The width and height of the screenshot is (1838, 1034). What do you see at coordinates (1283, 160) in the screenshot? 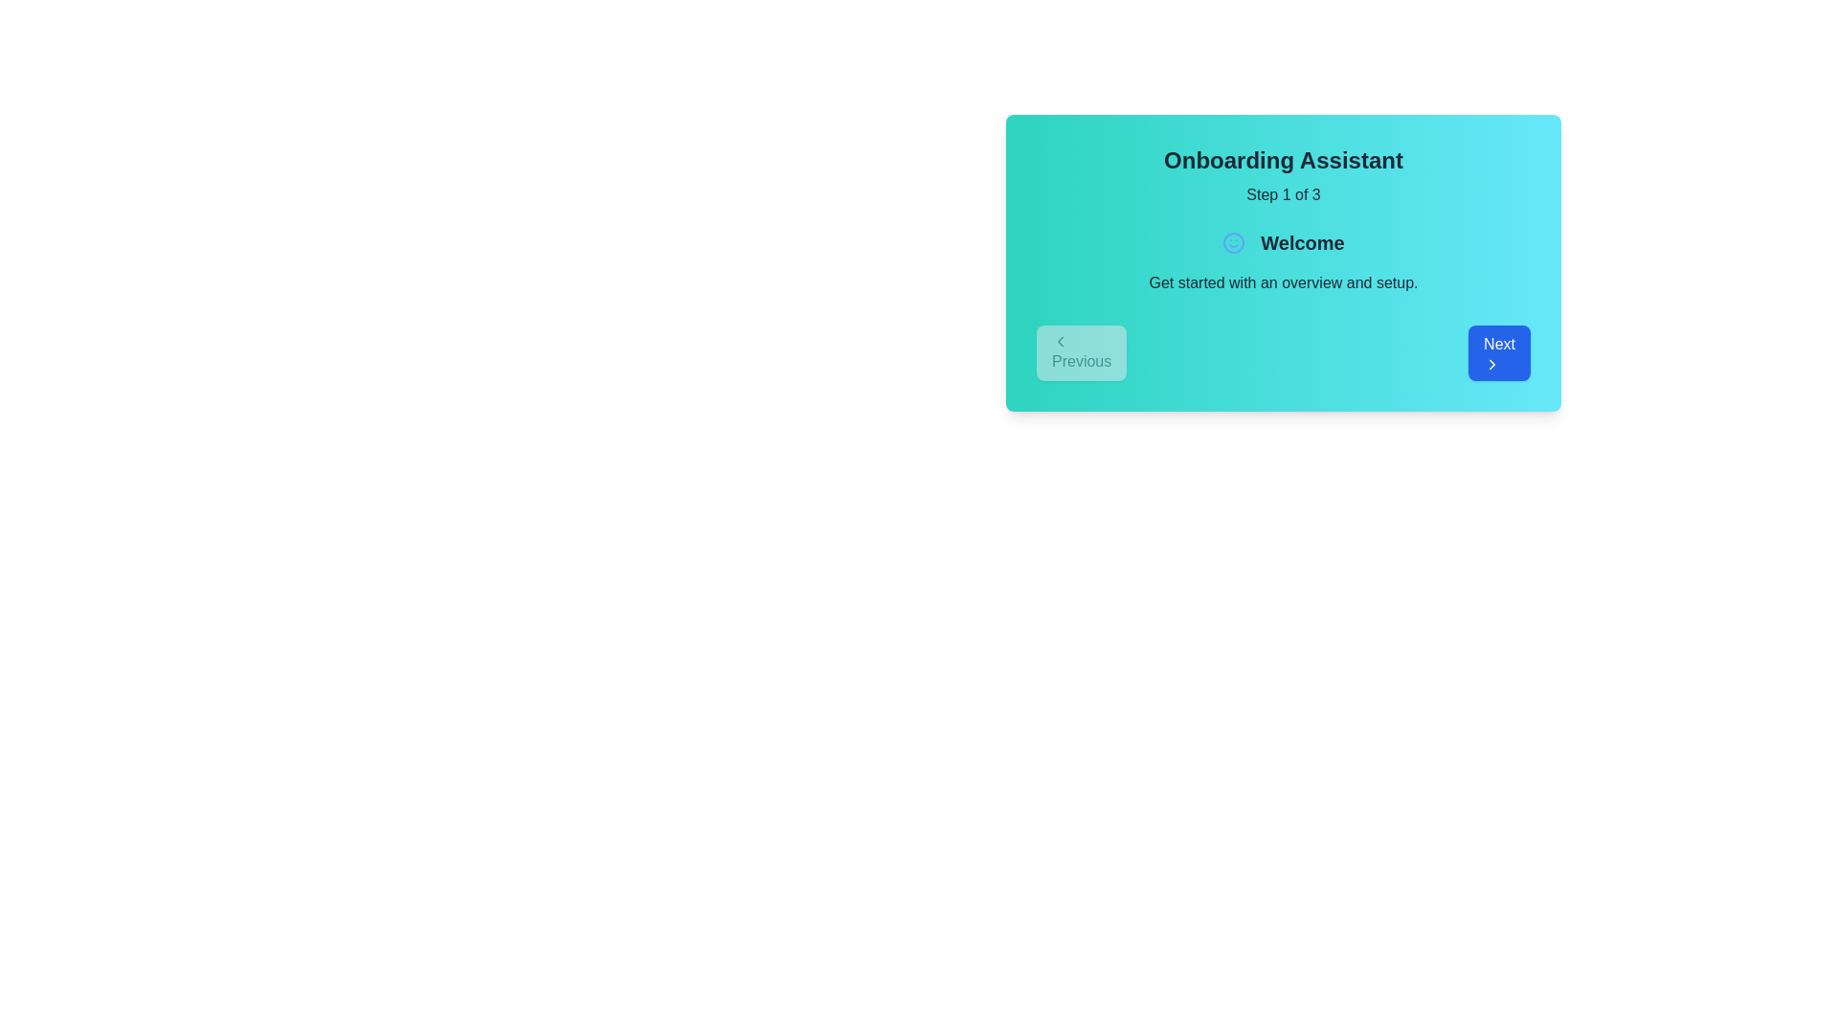
I see `the static text display that serves as a header or title for the onboarding section of the UI card, positioned at the top of the card layout` at bounding box center [1283, 160].